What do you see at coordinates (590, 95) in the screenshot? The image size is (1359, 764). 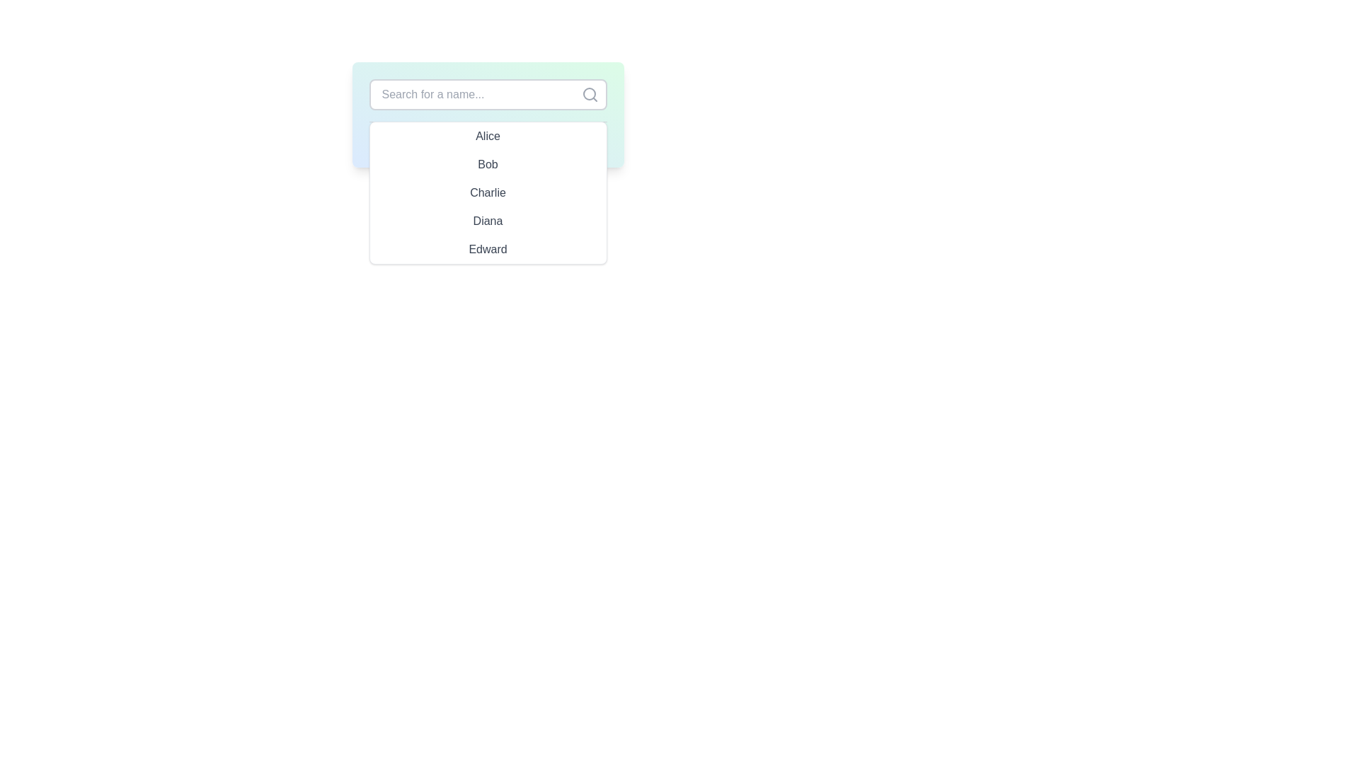 I see `the compact search icon, depicted as a magnifying glass, located at the right end of the search input field` at bounding box center [590, 95].